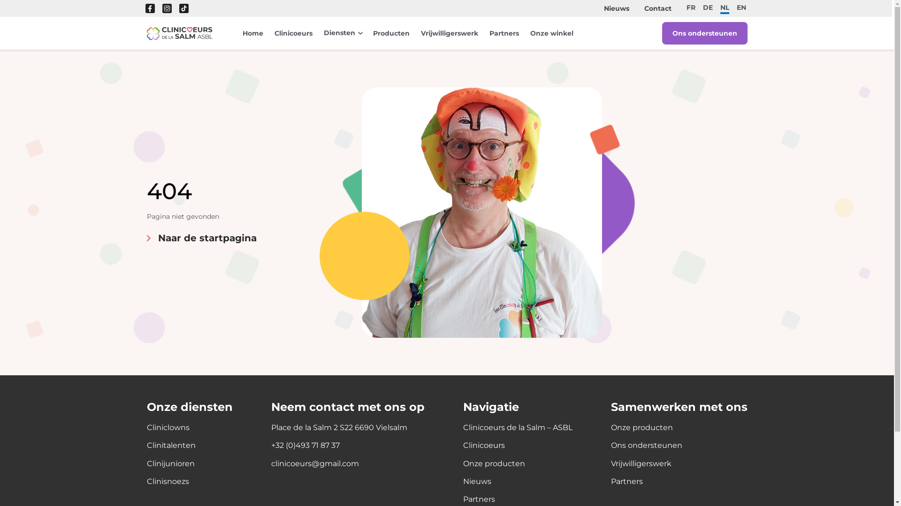 Image resolution: width=901 pixels, height=506 pixels. I want to click on 'clinicoeurs@gmail.com', so click(315, 464).